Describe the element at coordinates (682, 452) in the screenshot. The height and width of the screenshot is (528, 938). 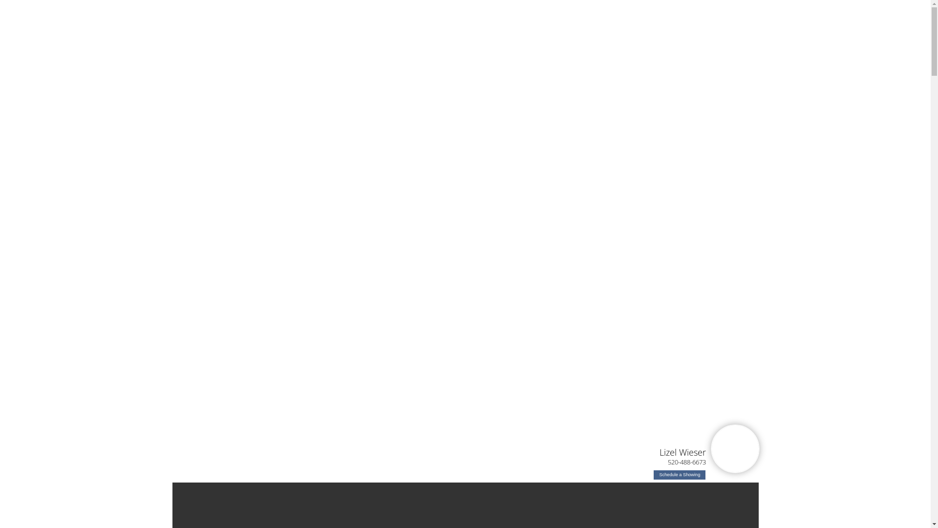
I see `'Lizel Wieser'` at that location.